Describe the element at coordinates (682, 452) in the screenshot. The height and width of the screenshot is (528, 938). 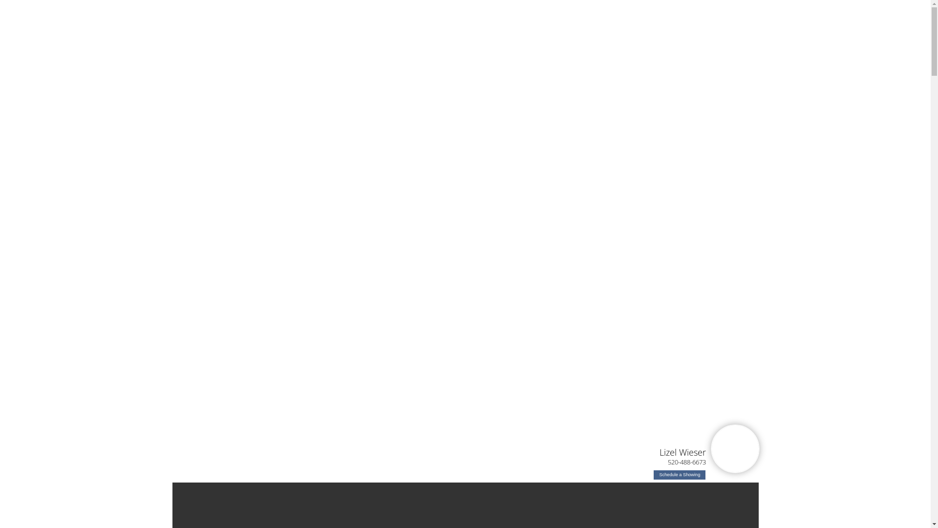
I see `'Lizel Wieser'` at that location.